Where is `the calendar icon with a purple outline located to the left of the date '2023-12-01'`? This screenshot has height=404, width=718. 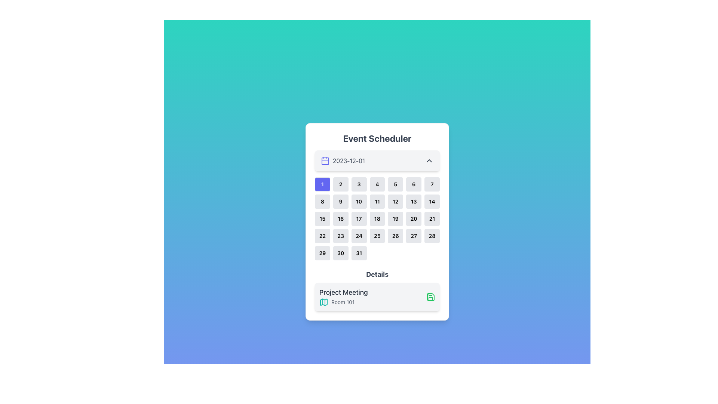
the calendar icon with a purple outline located to the left of the date '2023-12-01' is located at coordinates (325, 160).